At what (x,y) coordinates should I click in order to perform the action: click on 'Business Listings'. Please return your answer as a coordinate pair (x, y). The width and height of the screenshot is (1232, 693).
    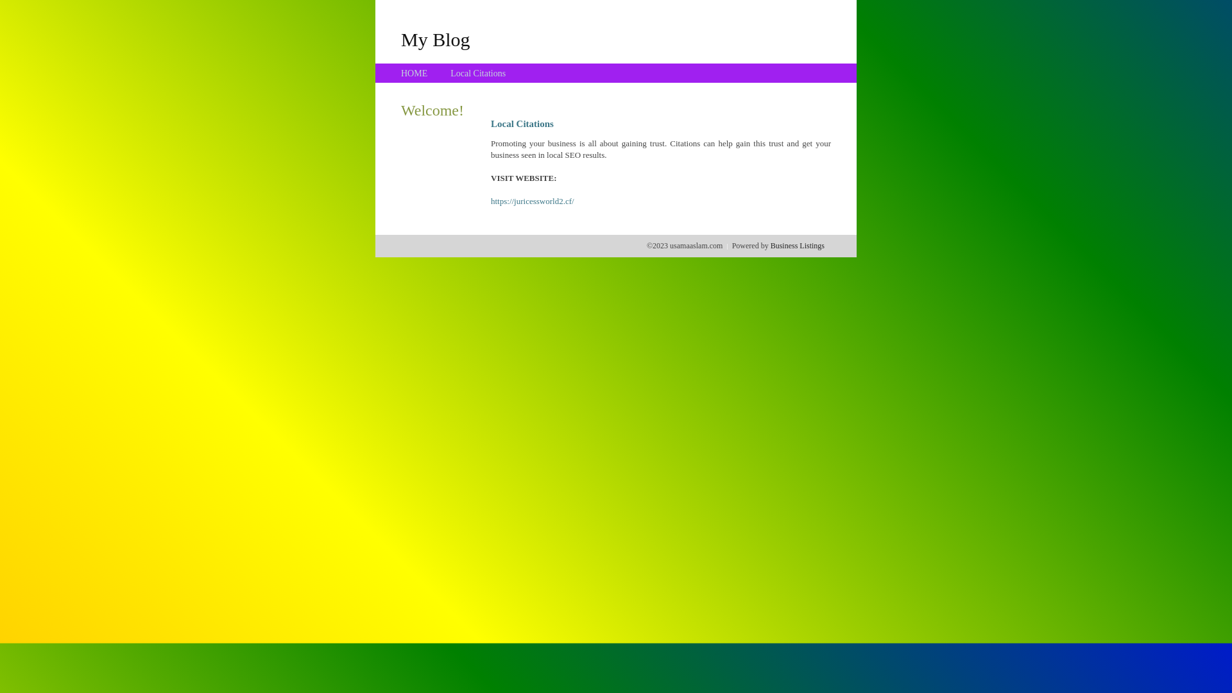
    Looking at the image, I should click on (797, 245).